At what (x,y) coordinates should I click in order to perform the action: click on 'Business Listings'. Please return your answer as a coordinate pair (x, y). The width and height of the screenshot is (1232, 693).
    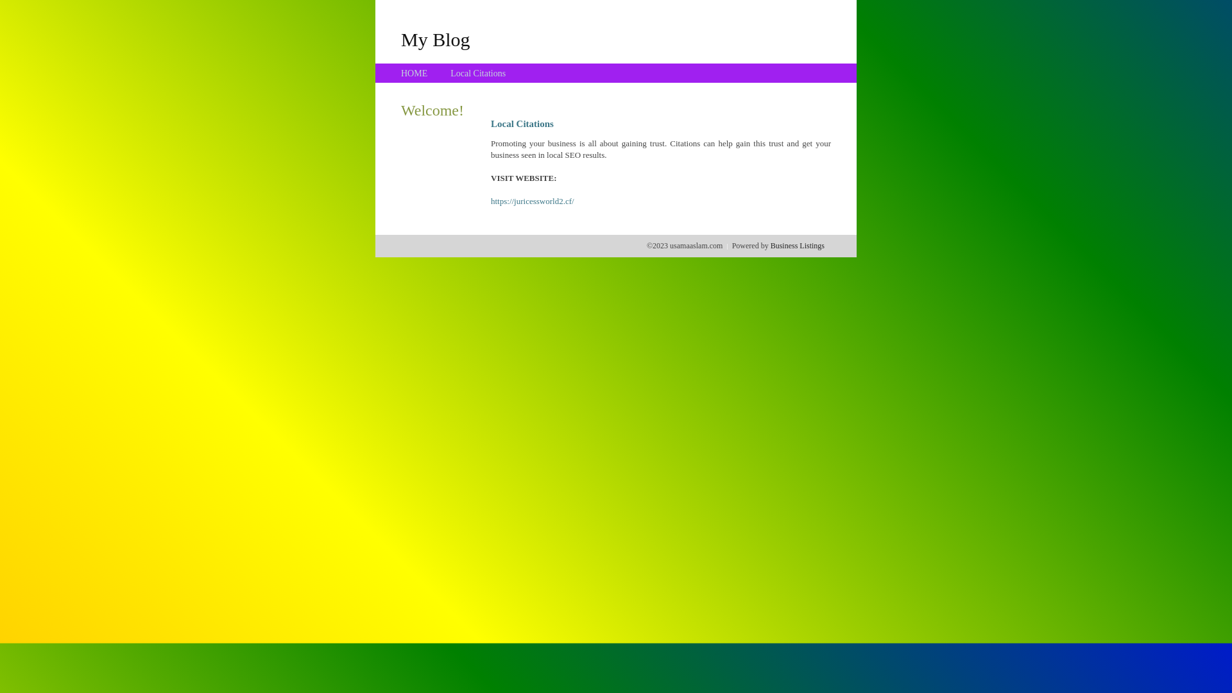
    Looking at the image, I should click on (797, 245).